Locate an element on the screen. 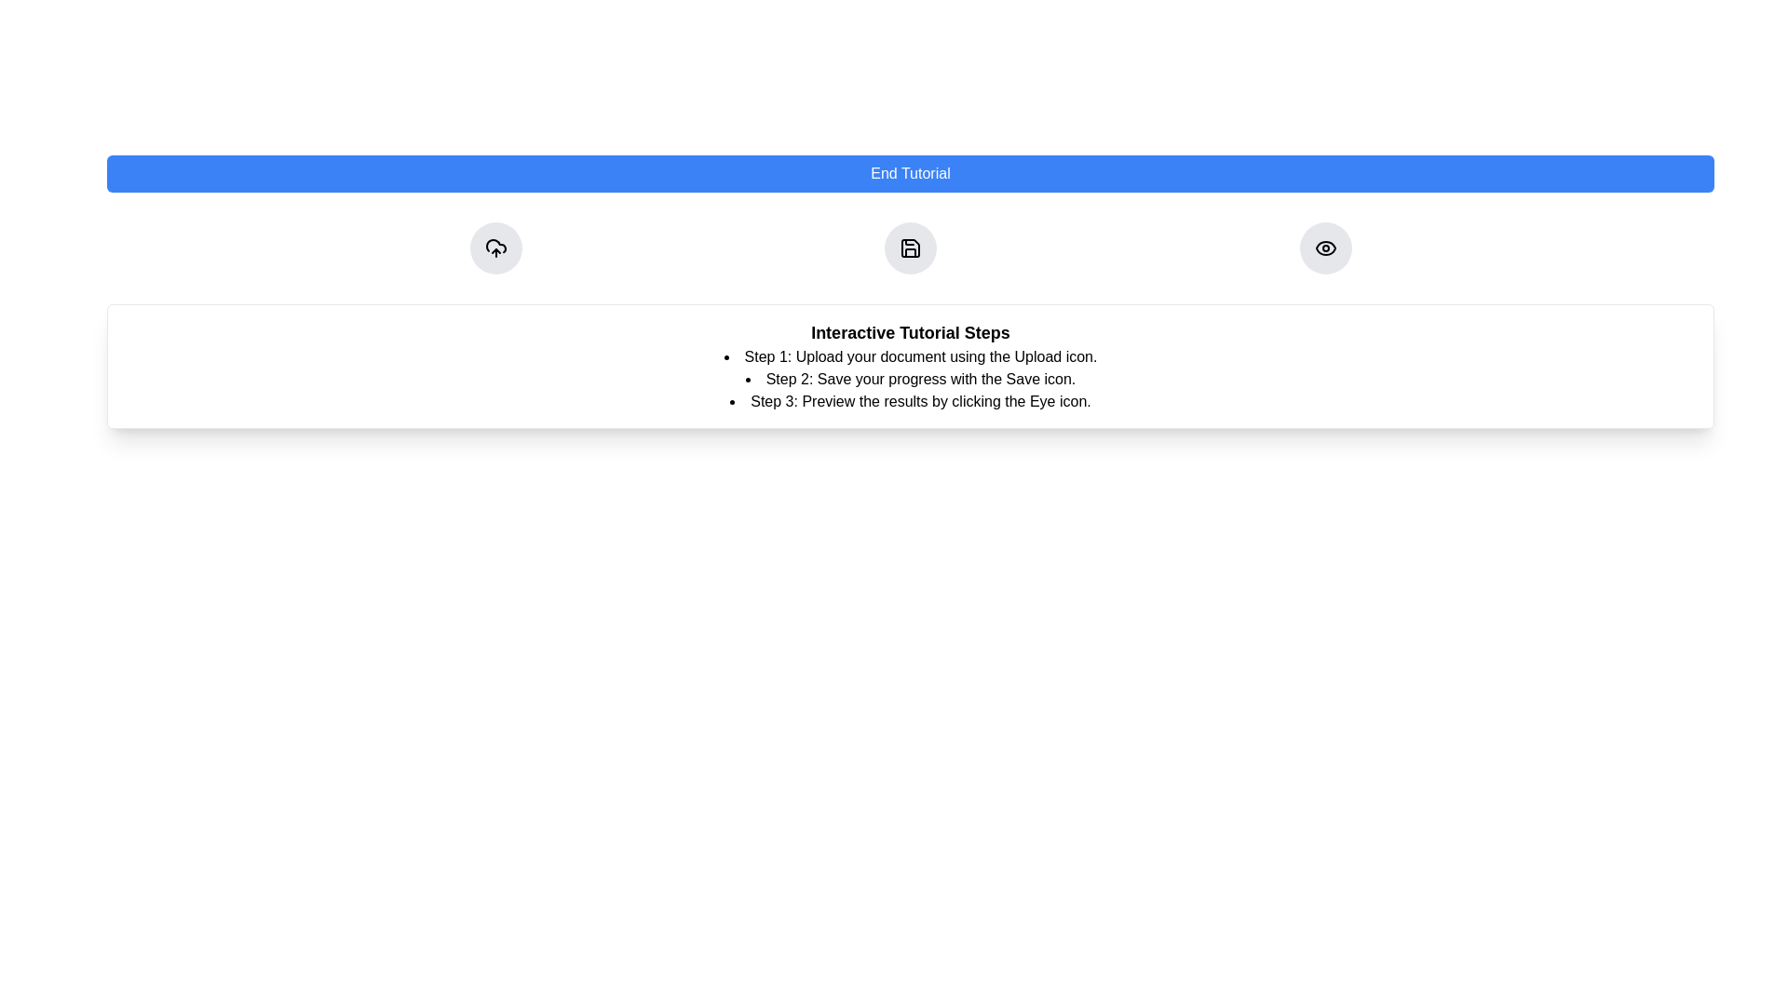 Image resolution: width=1788 pixels, height=1005 pixels. the third interactive icon on the far right, which has an eye symbol for content preview is located at coordinates (1324, 247).